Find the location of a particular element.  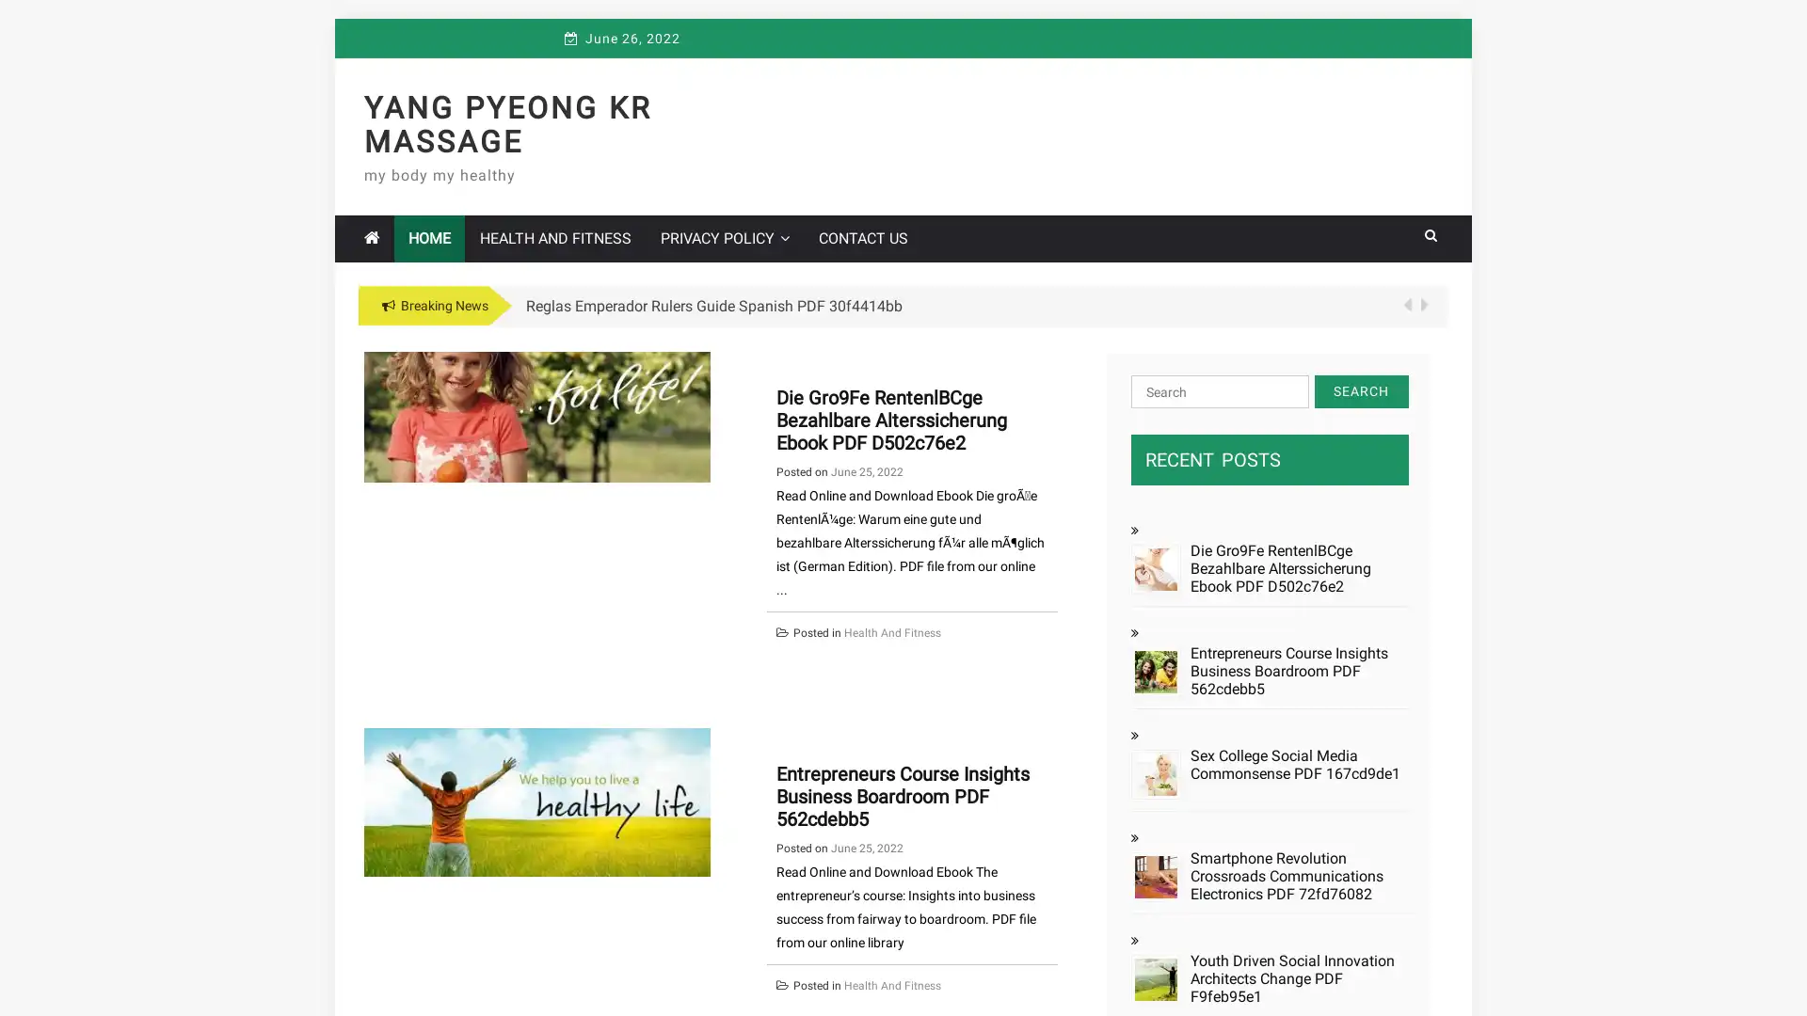

Search is located at coordinates (1360, 390).